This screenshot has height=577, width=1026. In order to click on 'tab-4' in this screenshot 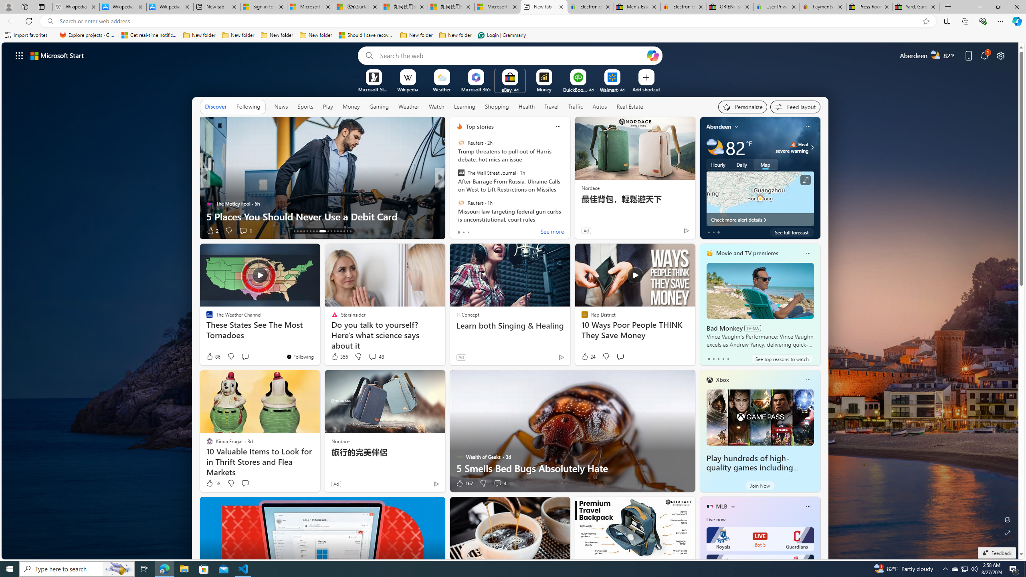, I will do `click(727, 359)`.